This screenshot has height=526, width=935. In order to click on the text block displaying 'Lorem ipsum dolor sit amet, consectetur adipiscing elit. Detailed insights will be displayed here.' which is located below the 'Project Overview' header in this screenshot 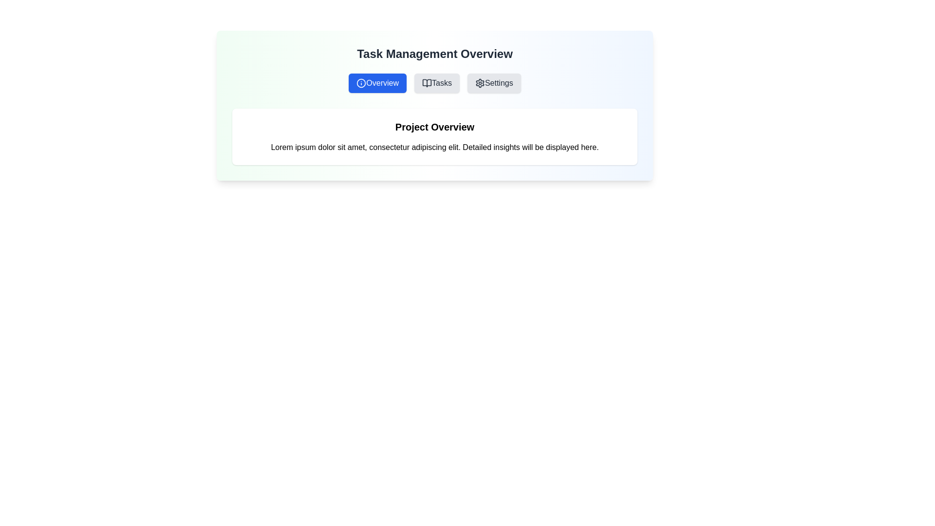, I will do `click(434, 148)`.